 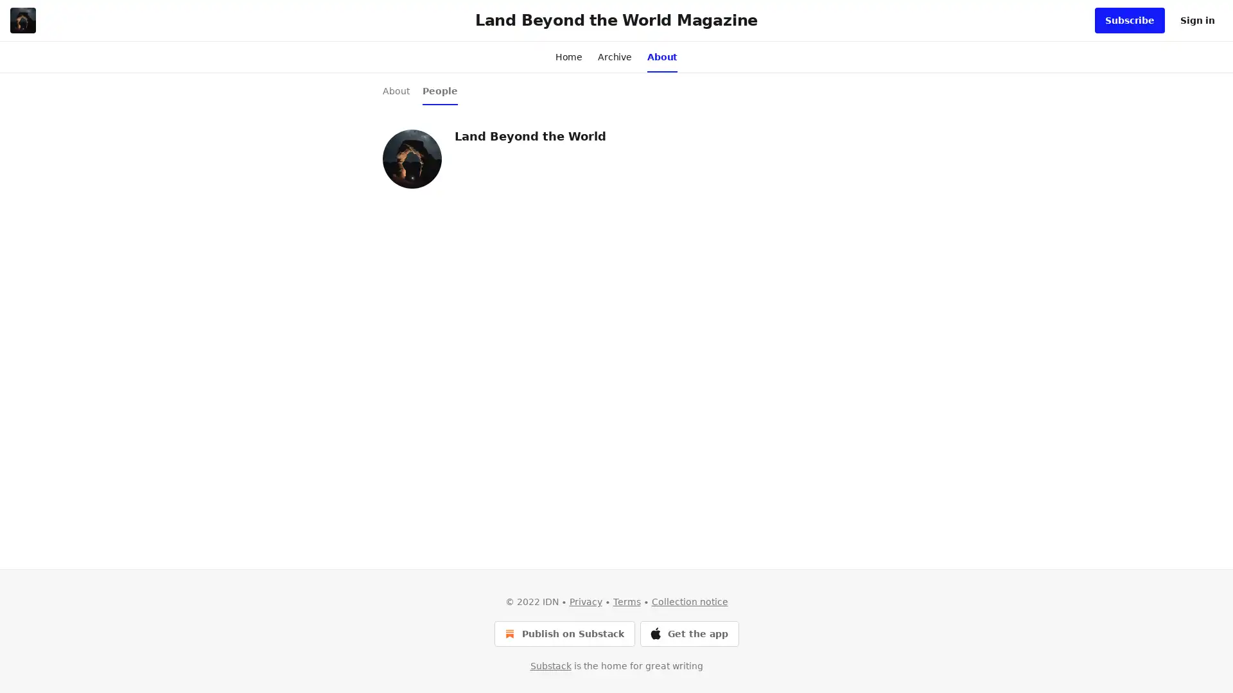 I want to click on Archive, so click(x=614, y=56).